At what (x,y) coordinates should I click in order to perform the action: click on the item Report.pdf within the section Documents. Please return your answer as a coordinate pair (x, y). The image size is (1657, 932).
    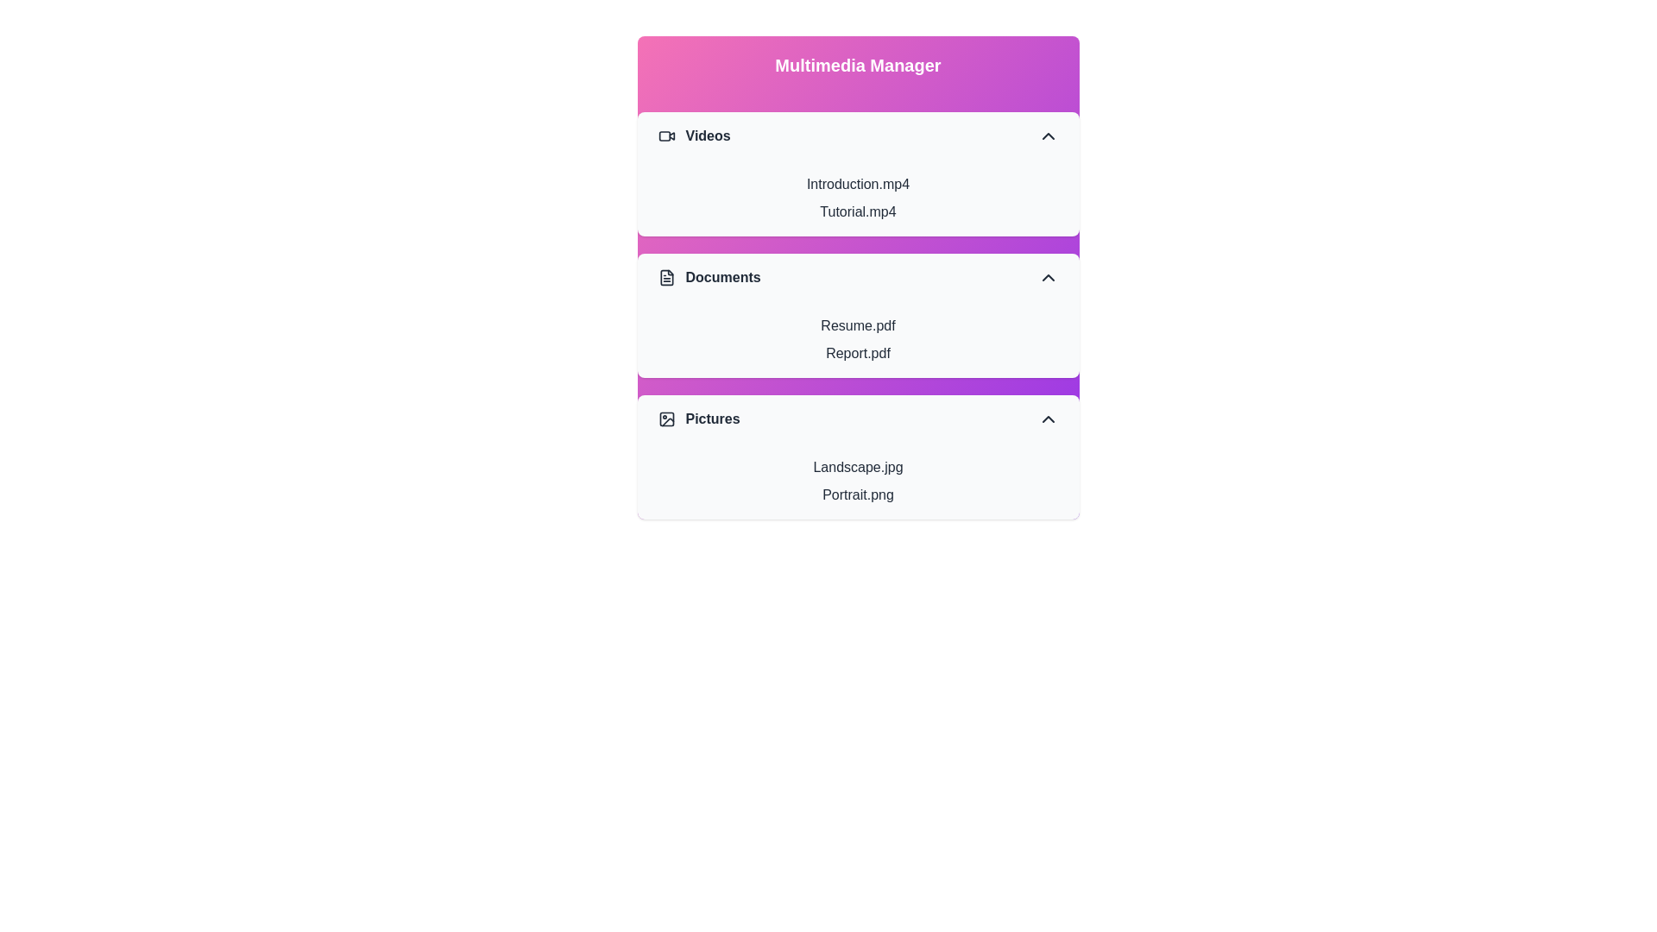
    Looking at the image, I should click on (858, 352).